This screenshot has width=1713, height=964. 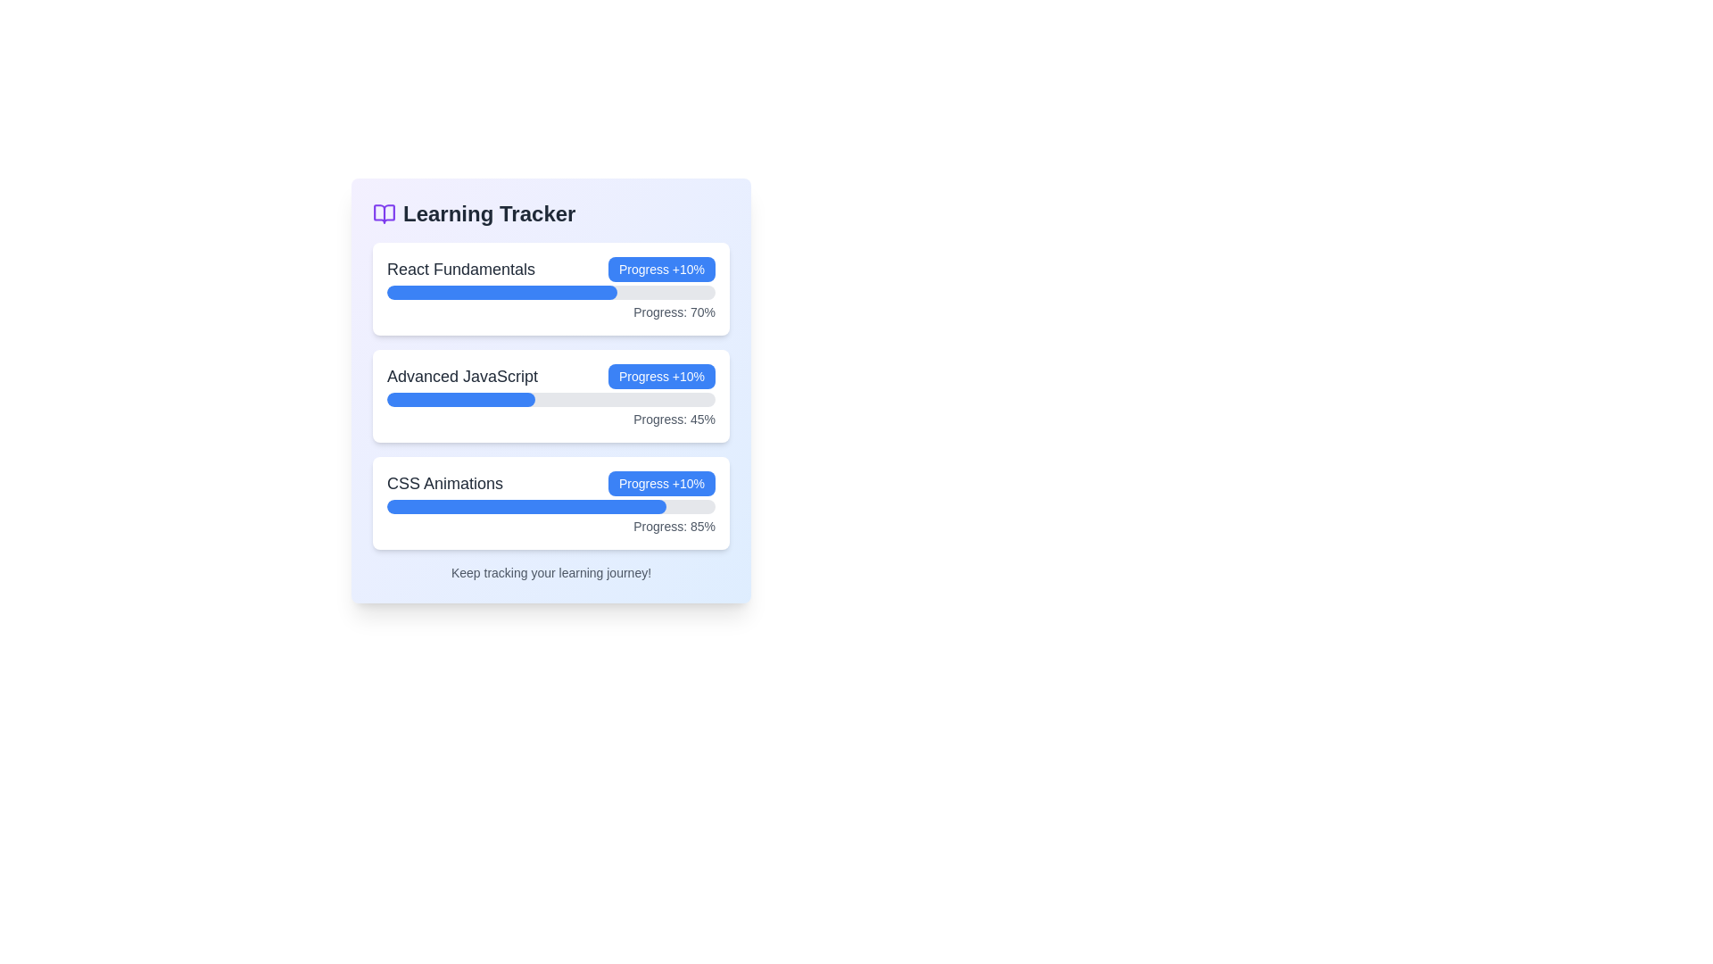 What do you see at coordinates (460, 398) in the screenshot?
I see `the progress indicator for the 'Advanced JavaScript' course, which visually represents a completion of 45% within the 'Learning Tracker' interface` at bounding box center [460, 398].